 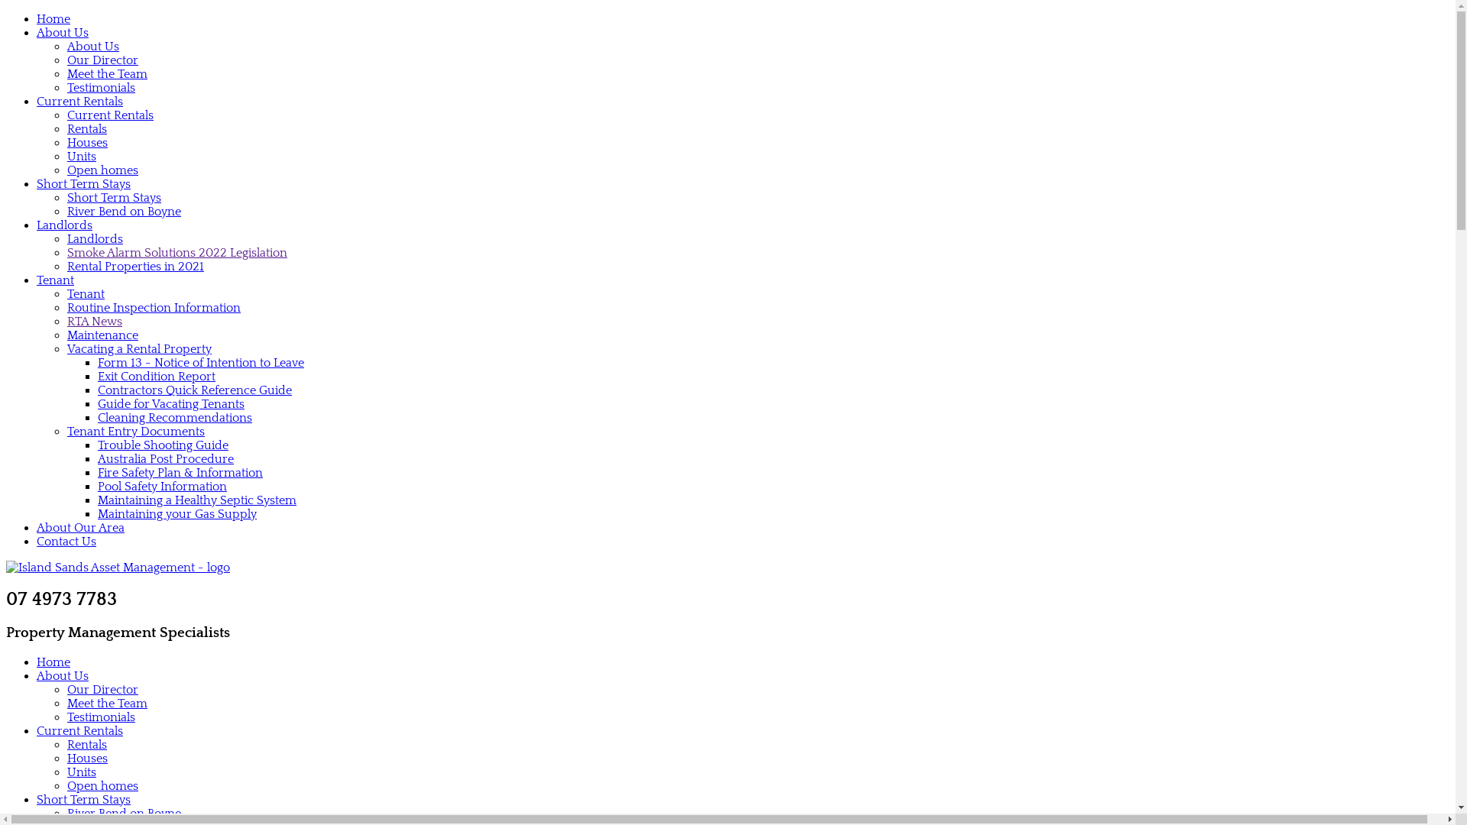 What do you see at coordinates (171, 403) in the screenshot?
I see `'Guide for Vacating Tenants'` at bounding box center [171, 403].